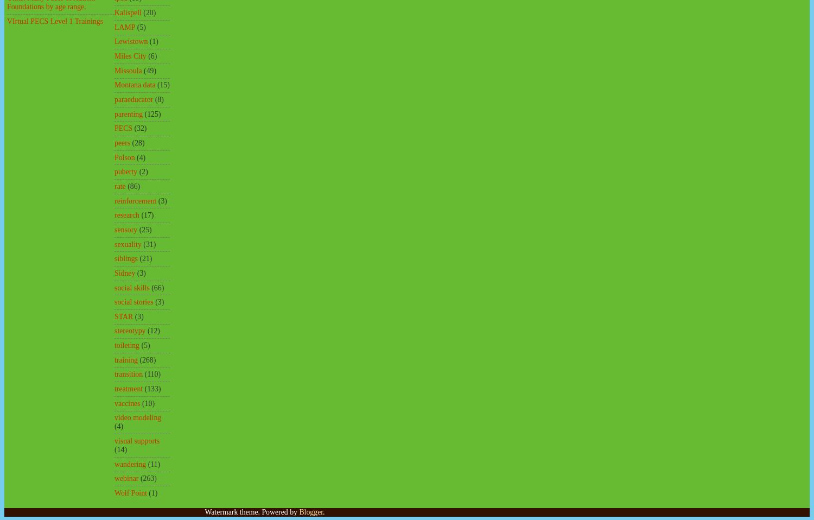 Image resolution: width=814 pixels, height=520 pixels. I want to click on '(20)', so click(149, 12).